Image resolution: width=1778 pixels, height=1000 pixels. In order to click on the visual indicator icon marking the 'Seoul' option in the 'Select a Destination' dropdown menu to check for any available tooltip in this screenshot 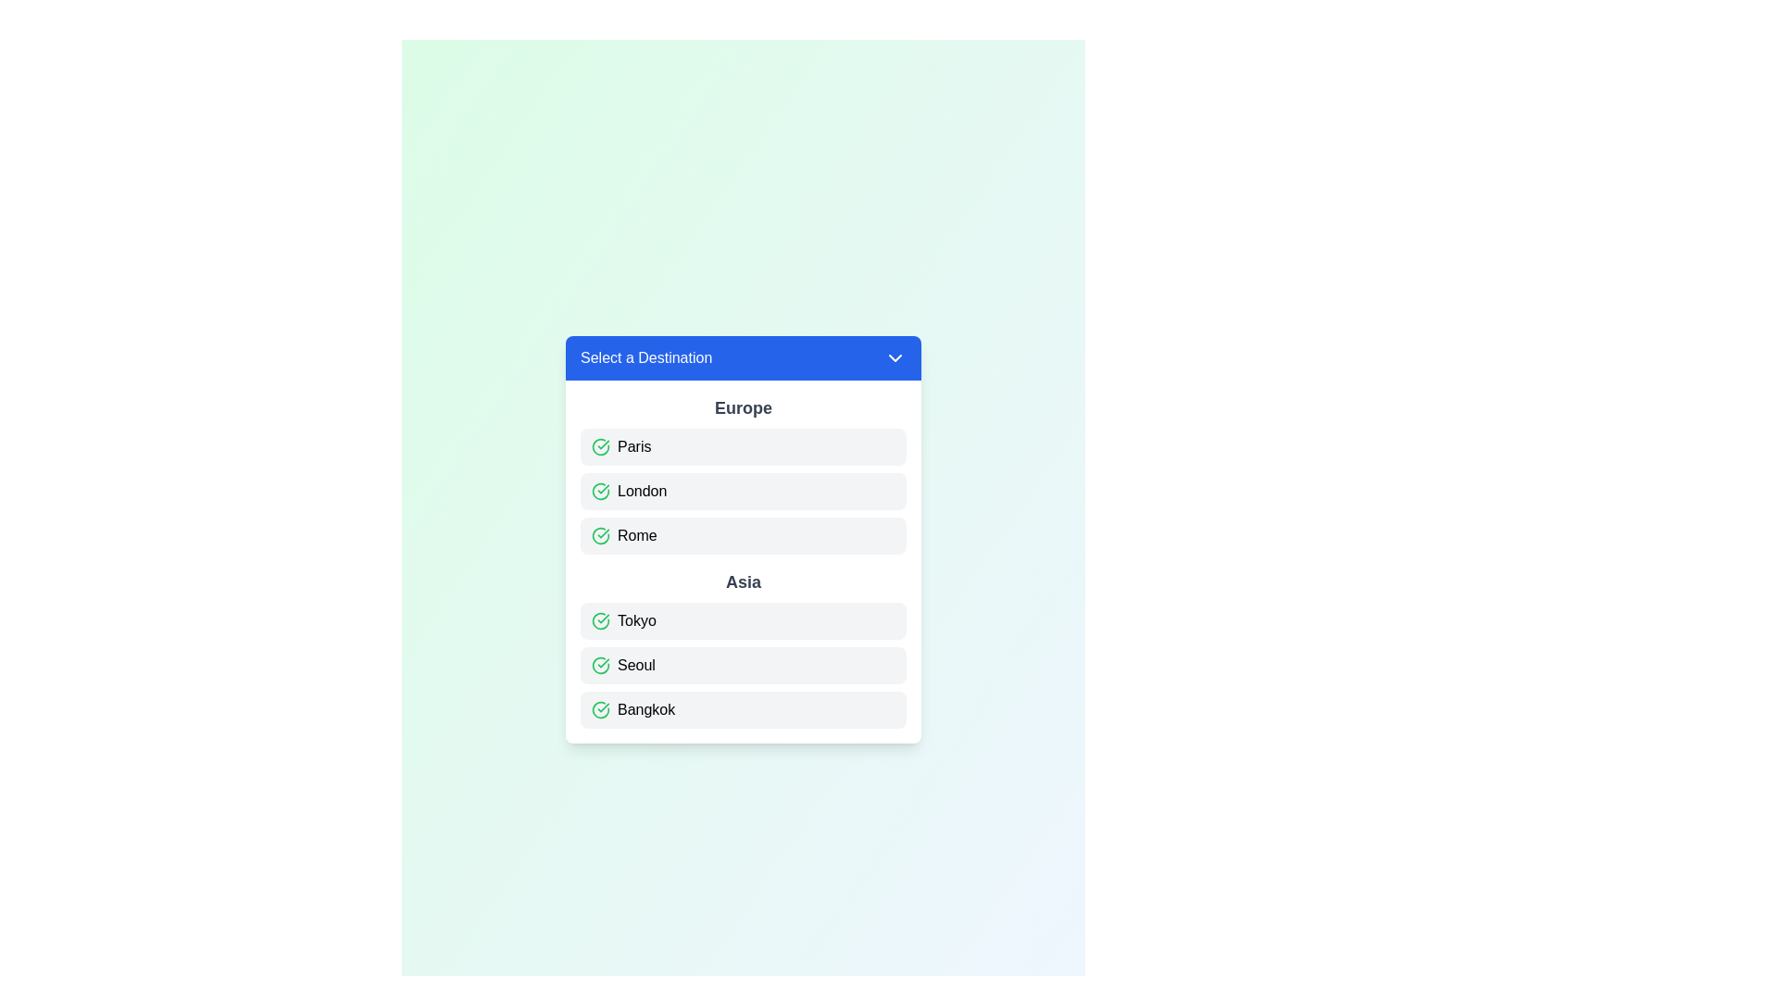, I will do `click(600, 664)`.